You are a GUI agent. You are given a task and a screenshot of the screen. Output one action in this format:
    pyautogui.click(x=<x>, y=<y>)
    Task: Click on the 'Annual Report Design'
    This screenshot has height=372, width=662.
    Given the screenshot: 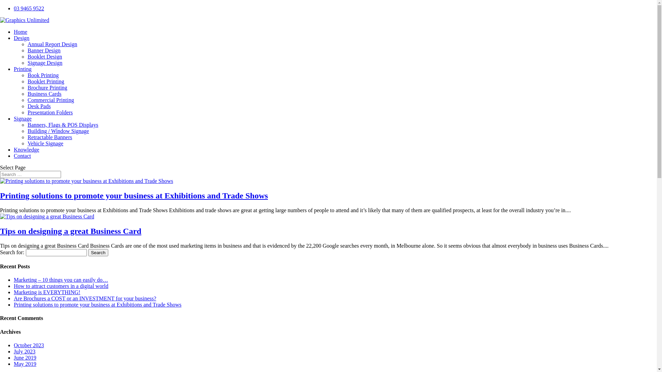 What is the action you would take?
    pyautogui.click(x=52, y=44)
    